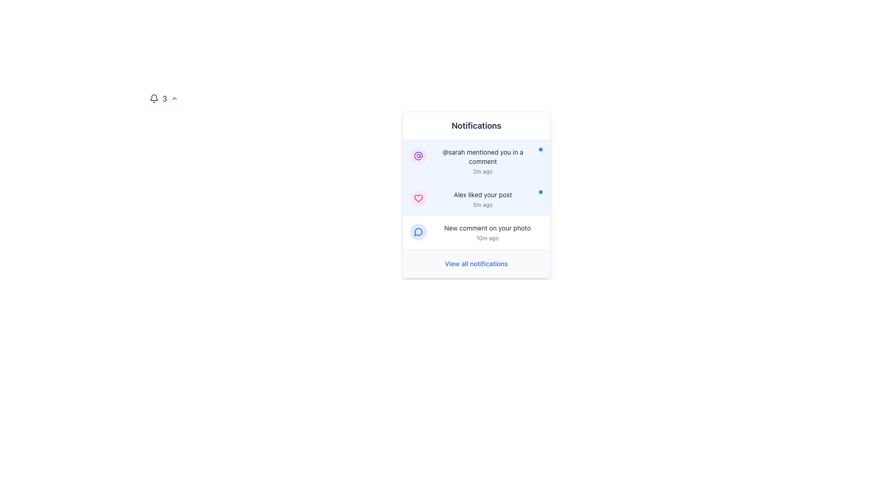 This screenshot has height=500, width=889. What do you see at coordinates (418, 198) in the screenshot?
I see `the heart icon representing a 'like' action located beside the text 'Alex liked your post' in the notifications panel` at bounding box center [418, 198].